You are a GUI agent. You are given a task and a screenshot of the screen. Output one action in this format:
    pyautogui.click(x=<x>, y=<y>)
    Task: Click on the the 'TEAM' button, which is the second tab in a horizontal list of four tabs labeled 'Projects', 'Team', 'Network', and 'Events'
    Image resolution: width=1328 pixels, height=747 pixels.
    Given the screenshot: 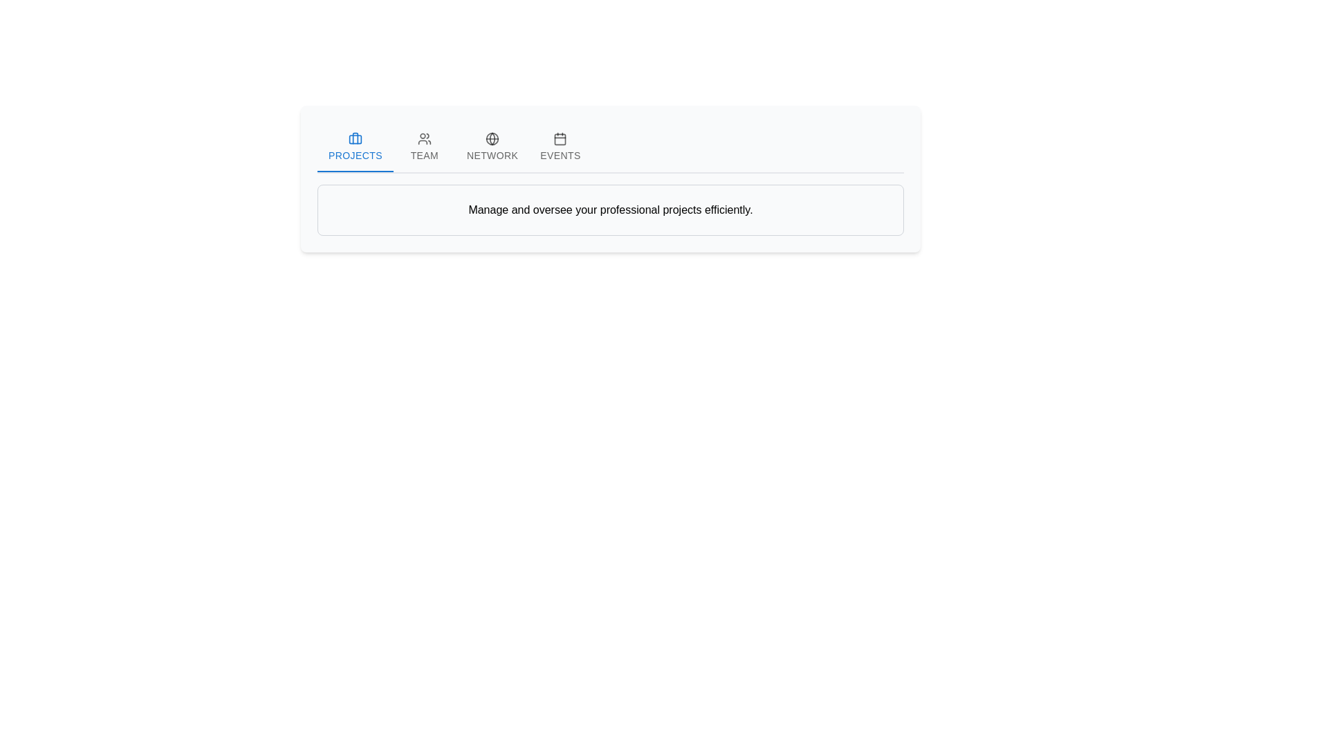 What is the action you would take?
    pyautogui.click(x=423, y=147)
    